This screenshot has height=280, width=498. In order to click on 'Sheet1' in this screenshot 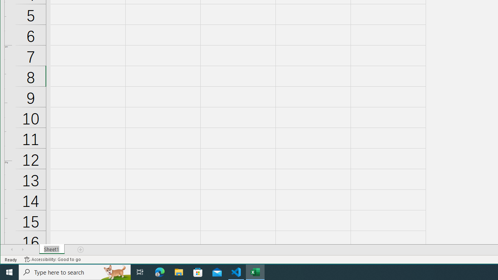, I will do `click(51, 249)`.